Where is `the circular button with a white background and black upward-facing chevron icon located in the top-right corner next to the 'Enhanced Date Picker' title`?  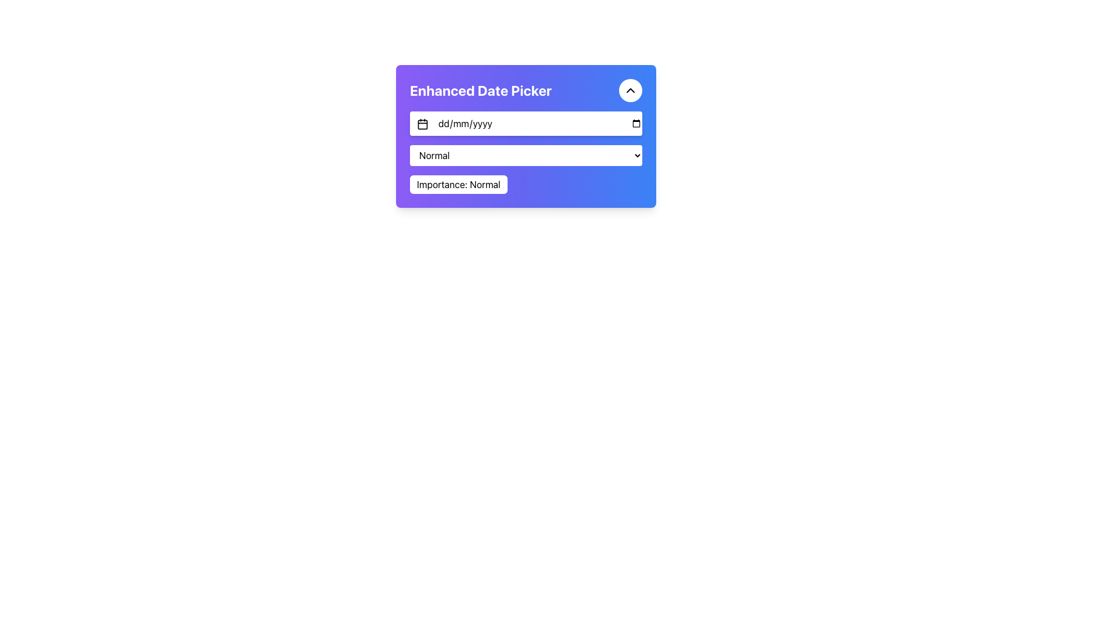
the circular button with a white background and black upward-facing chevron icon located in the top-right corner next to the 'Enhanced Date Picker' title is located at coordinates (630, 89).